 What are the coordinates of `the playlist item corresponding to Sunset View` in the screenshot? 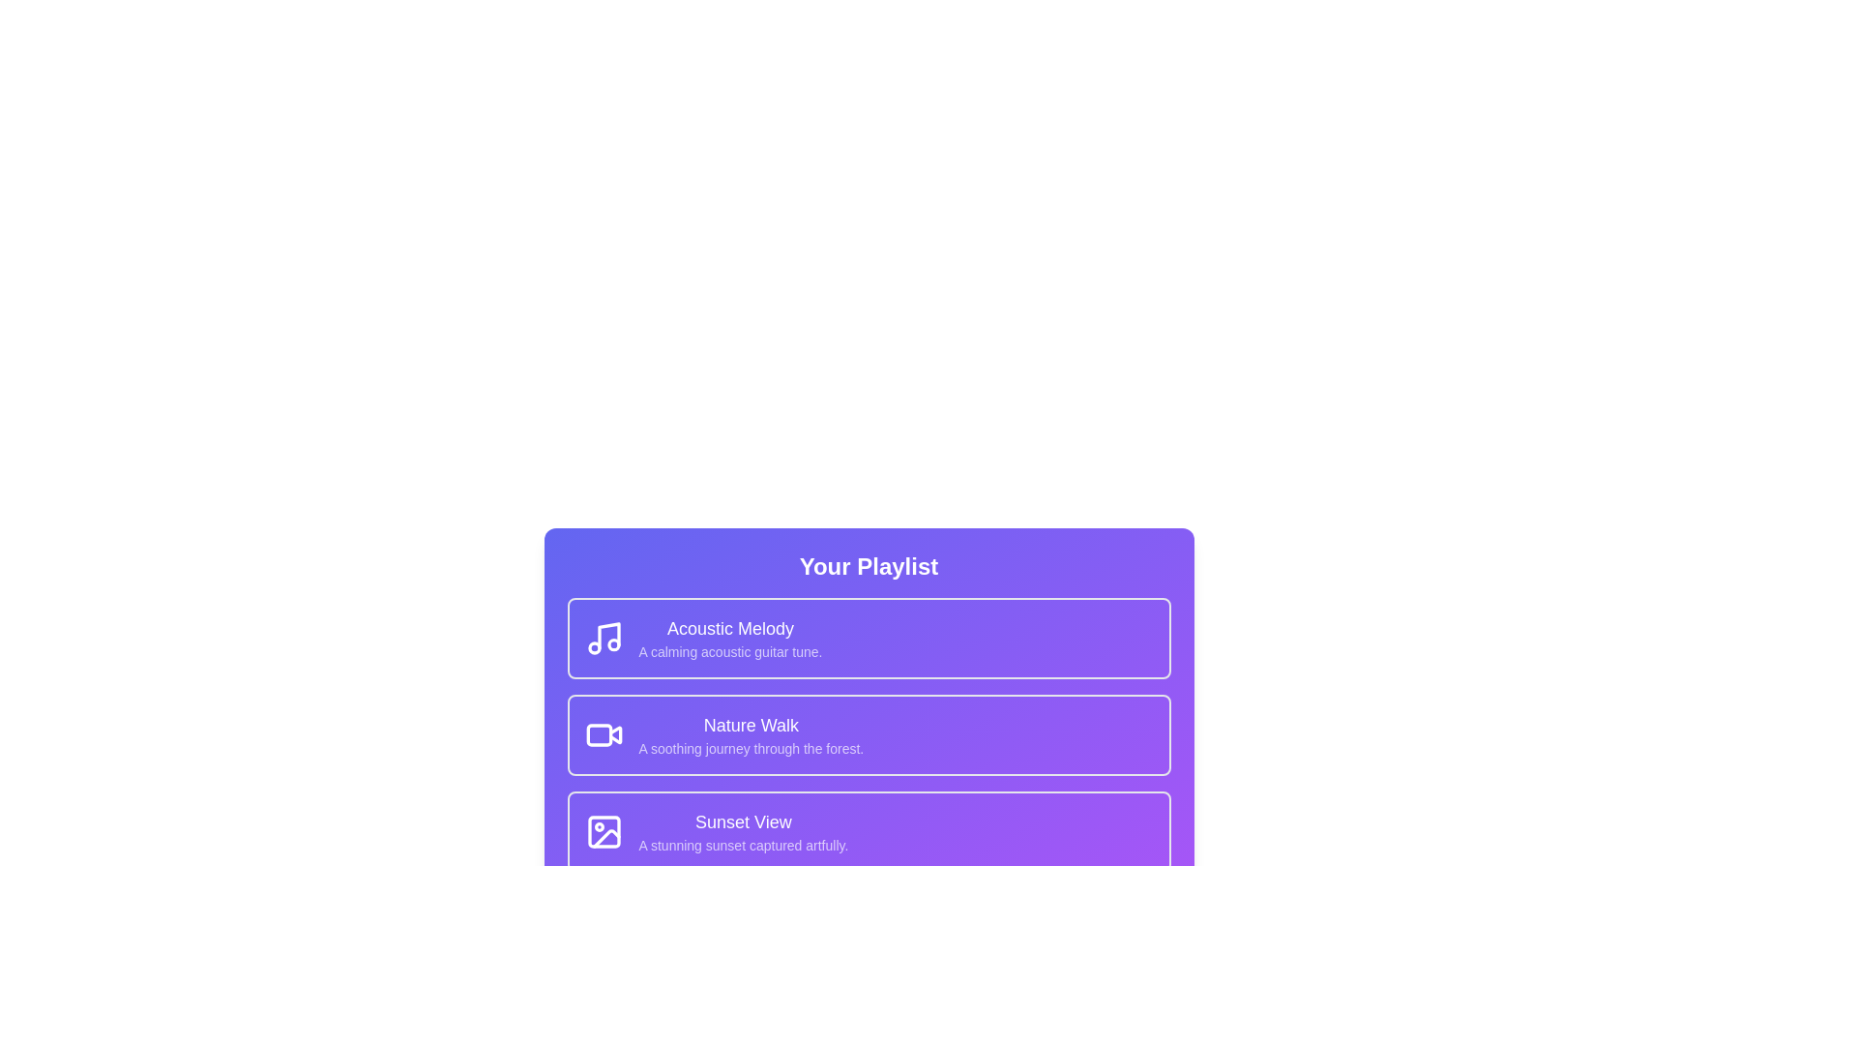 It's located at (868, 831).